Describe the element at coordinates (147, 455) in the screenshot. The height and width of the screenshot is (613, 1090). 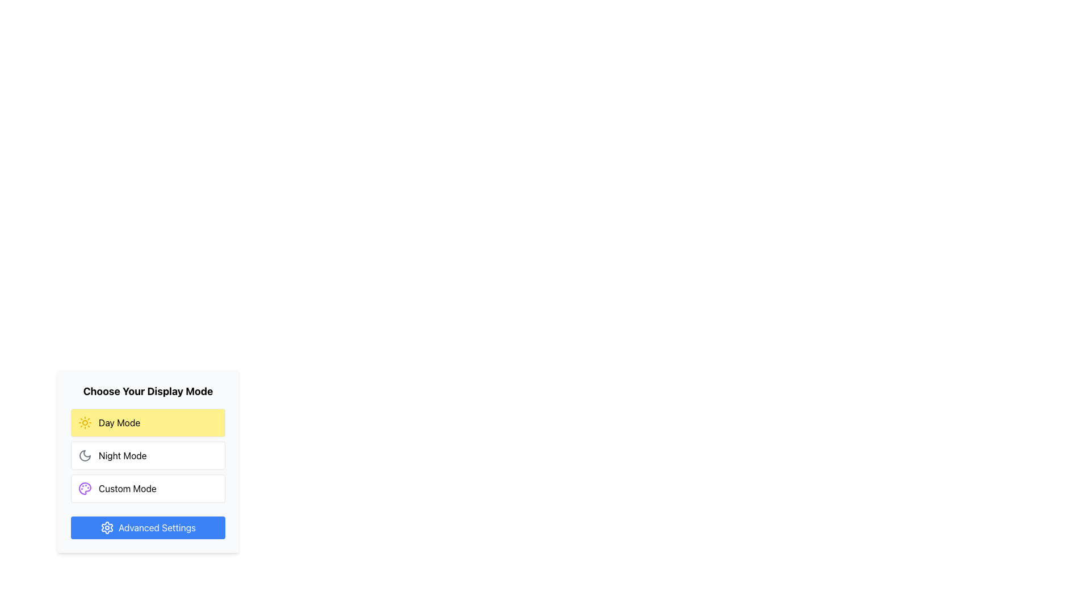
I see `the 'Night Mode' button, which is the second button in the column` at that location.